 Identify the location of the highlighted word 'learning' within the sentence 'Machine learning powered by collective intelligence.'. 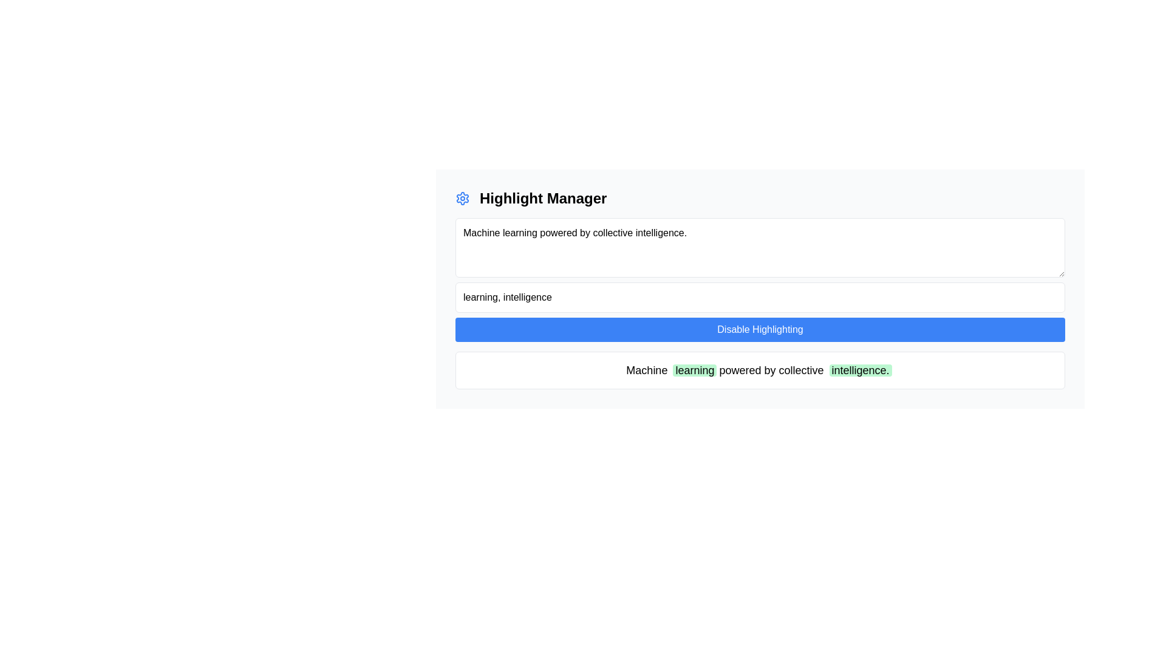
(695, 369).